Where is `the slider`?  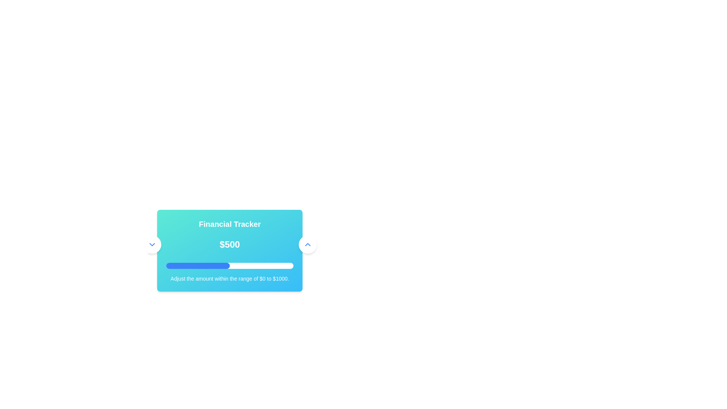 the slider is located at coordinates (267, 265).